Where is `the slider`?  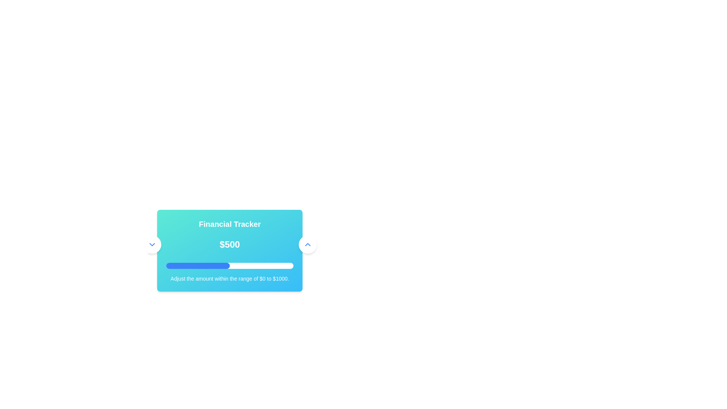 the slider is located at coordinates (267, 265).